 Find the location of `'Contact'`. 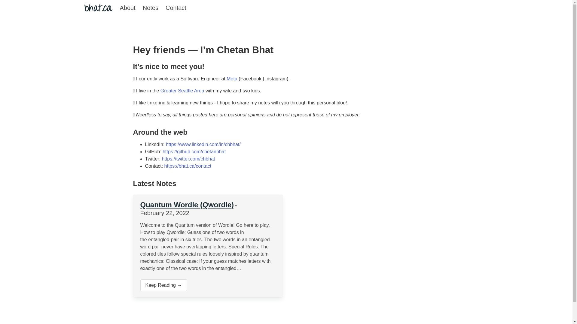

'Contact' is located at coordinates (176, 8).